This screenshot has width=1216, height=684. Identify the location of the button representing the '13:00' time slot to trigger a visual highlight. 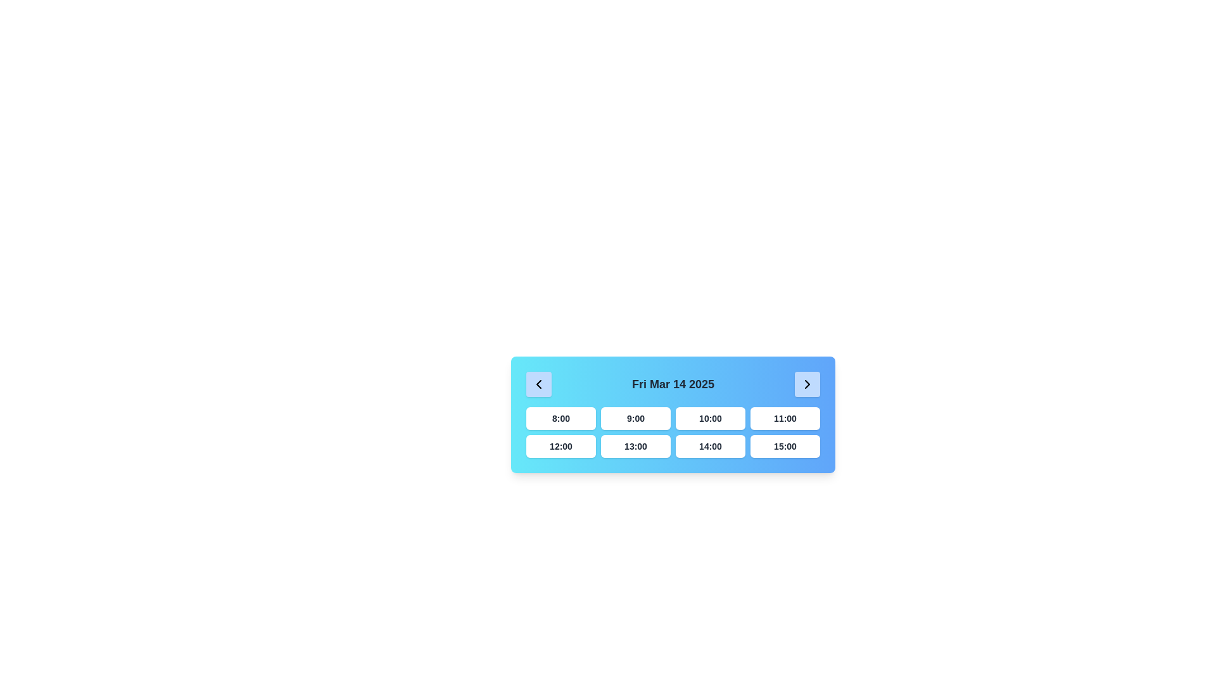
(635, 446).